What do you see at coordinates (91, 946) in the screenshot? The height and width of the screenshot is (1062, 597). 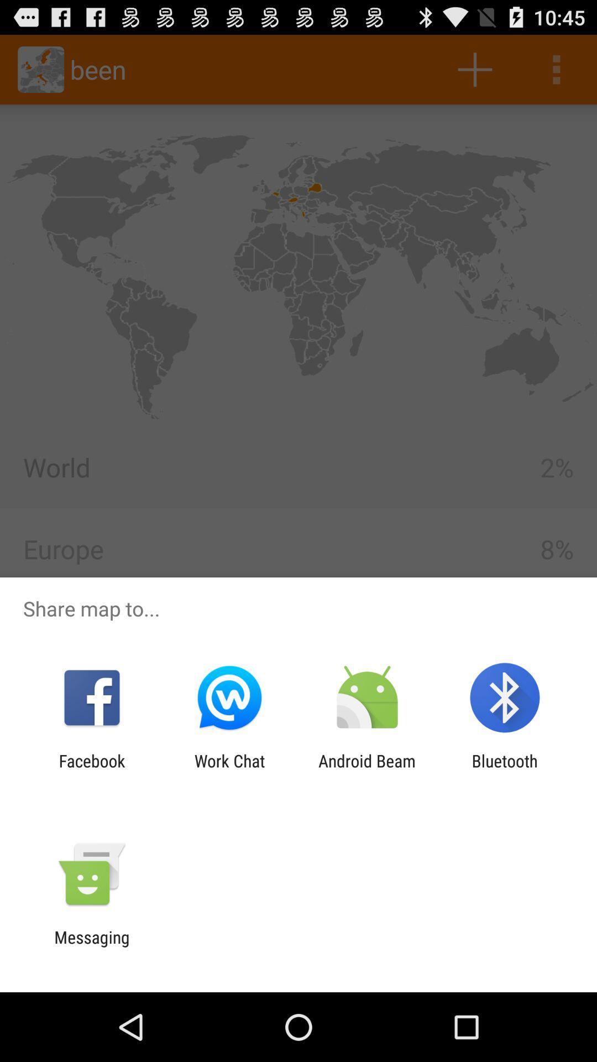 I see `the messaging icon` at bounding box center [91, 946].